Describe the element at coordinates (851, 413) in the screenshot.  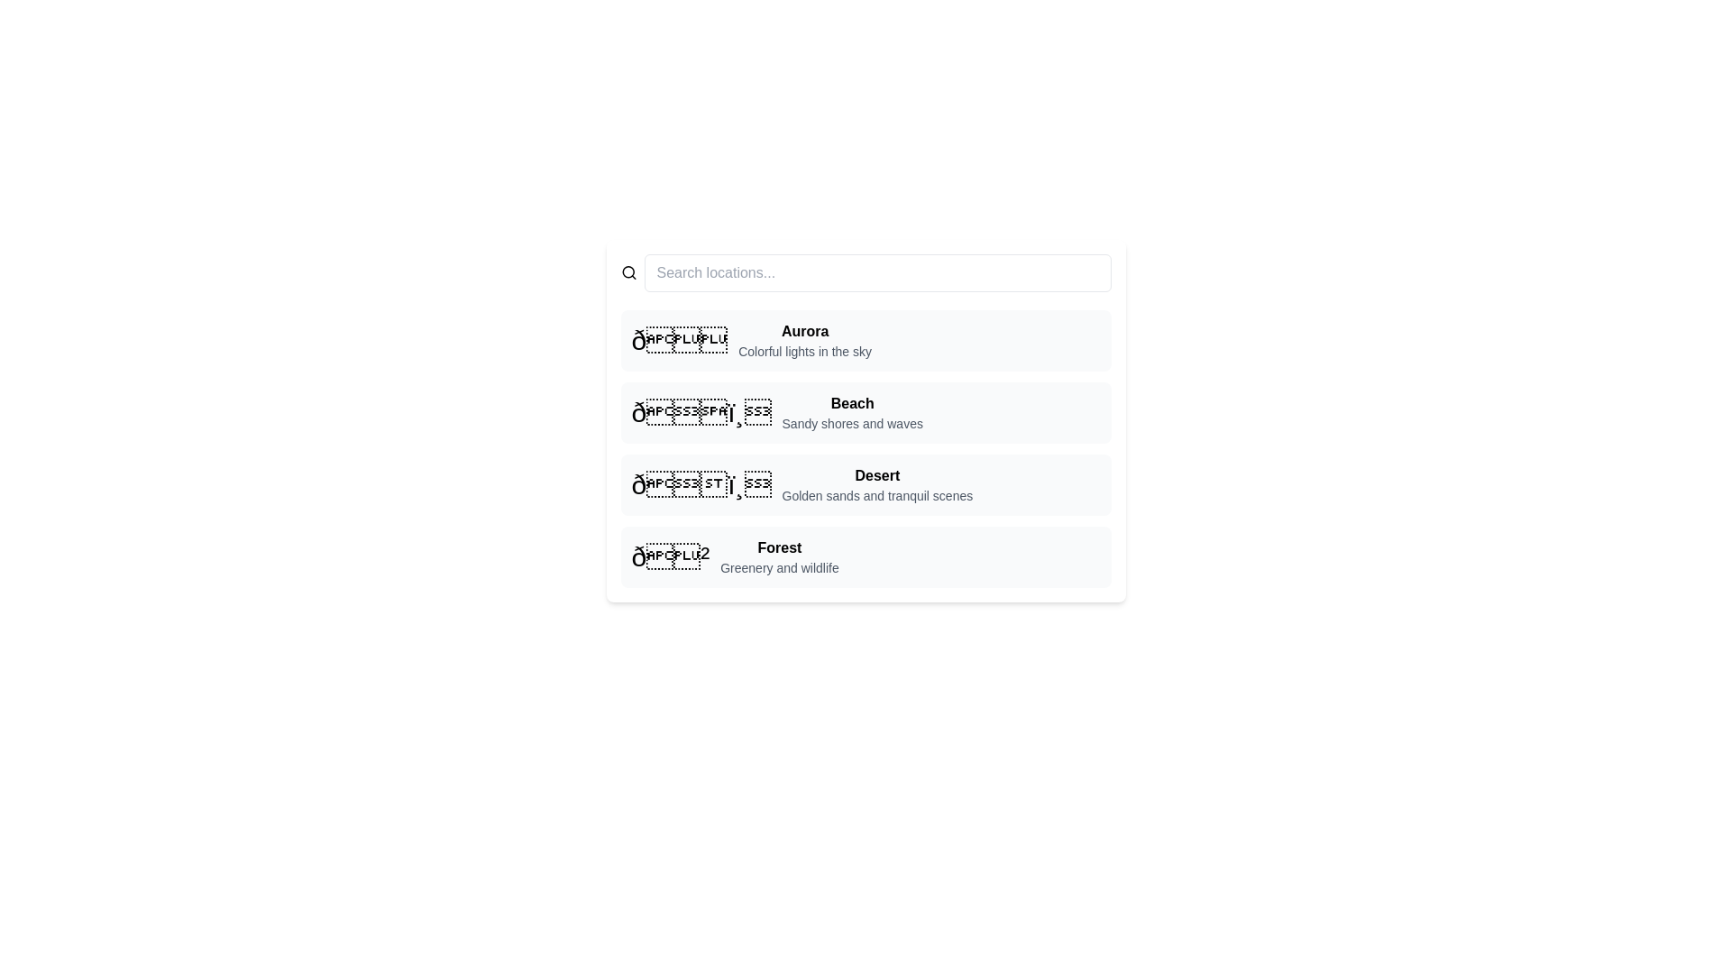
I see `descriptive text content of the label that indicates the 'Beach' location, which is positioned in the second row of a vertical list between 'Aurora' and 'Desert'` at that location.